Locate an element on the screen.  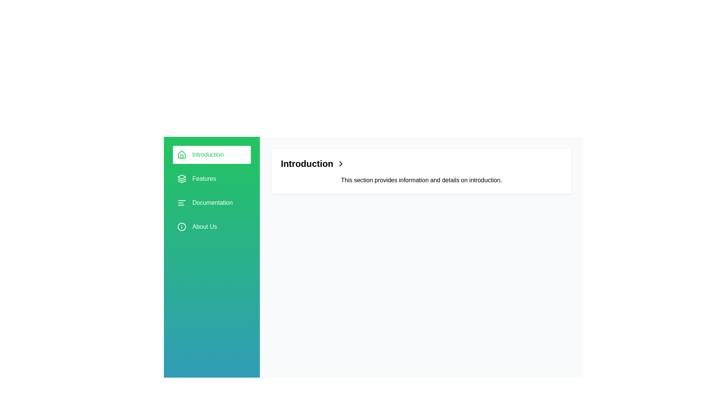
the stack-like icon located in the green sidebar, next to the text 'Features' in the vertical navigation menu is located at coordinates (181, 179).